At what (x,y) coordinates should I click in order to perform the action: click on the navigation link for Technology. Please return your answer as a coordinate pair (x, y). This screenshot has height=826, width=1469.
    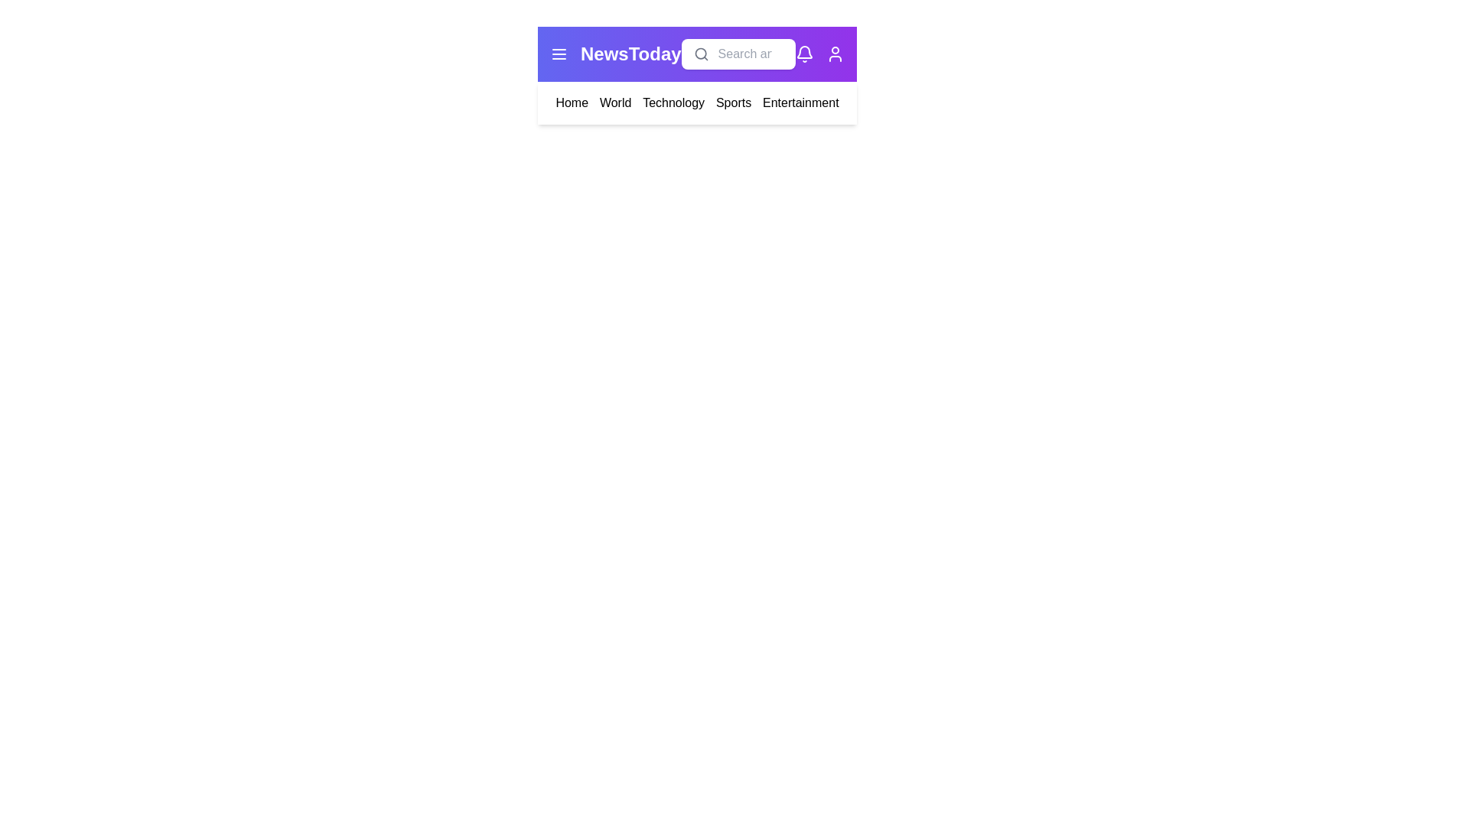
    Looking at the image, I should click on (673, 103).